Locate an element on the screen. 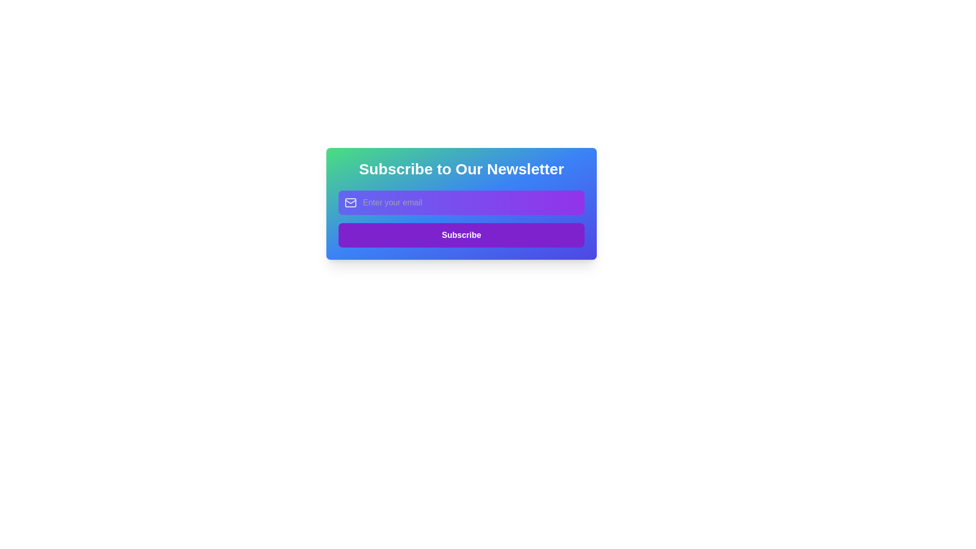 The height and width of the screenshot is (549, 976). the email icon, which is a rectangular icon with rounded corners resembling an envelope, styled in a solid color and positioned to the left side of the email input field is located at coordinates (351, 202).